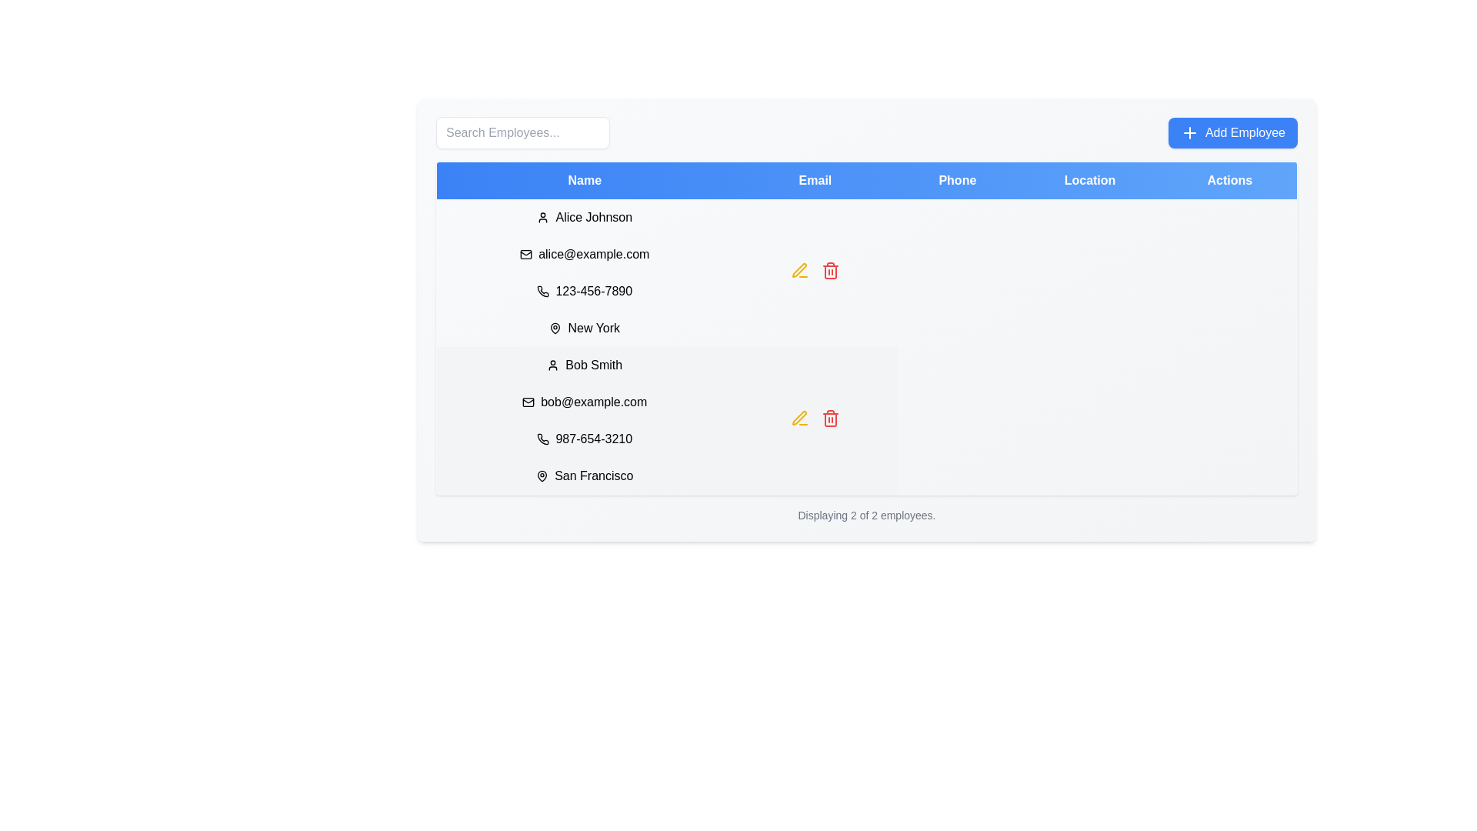  I want to click on the plus icon with a blue background located within the 'Add Employee' button, so click(1189, 132).